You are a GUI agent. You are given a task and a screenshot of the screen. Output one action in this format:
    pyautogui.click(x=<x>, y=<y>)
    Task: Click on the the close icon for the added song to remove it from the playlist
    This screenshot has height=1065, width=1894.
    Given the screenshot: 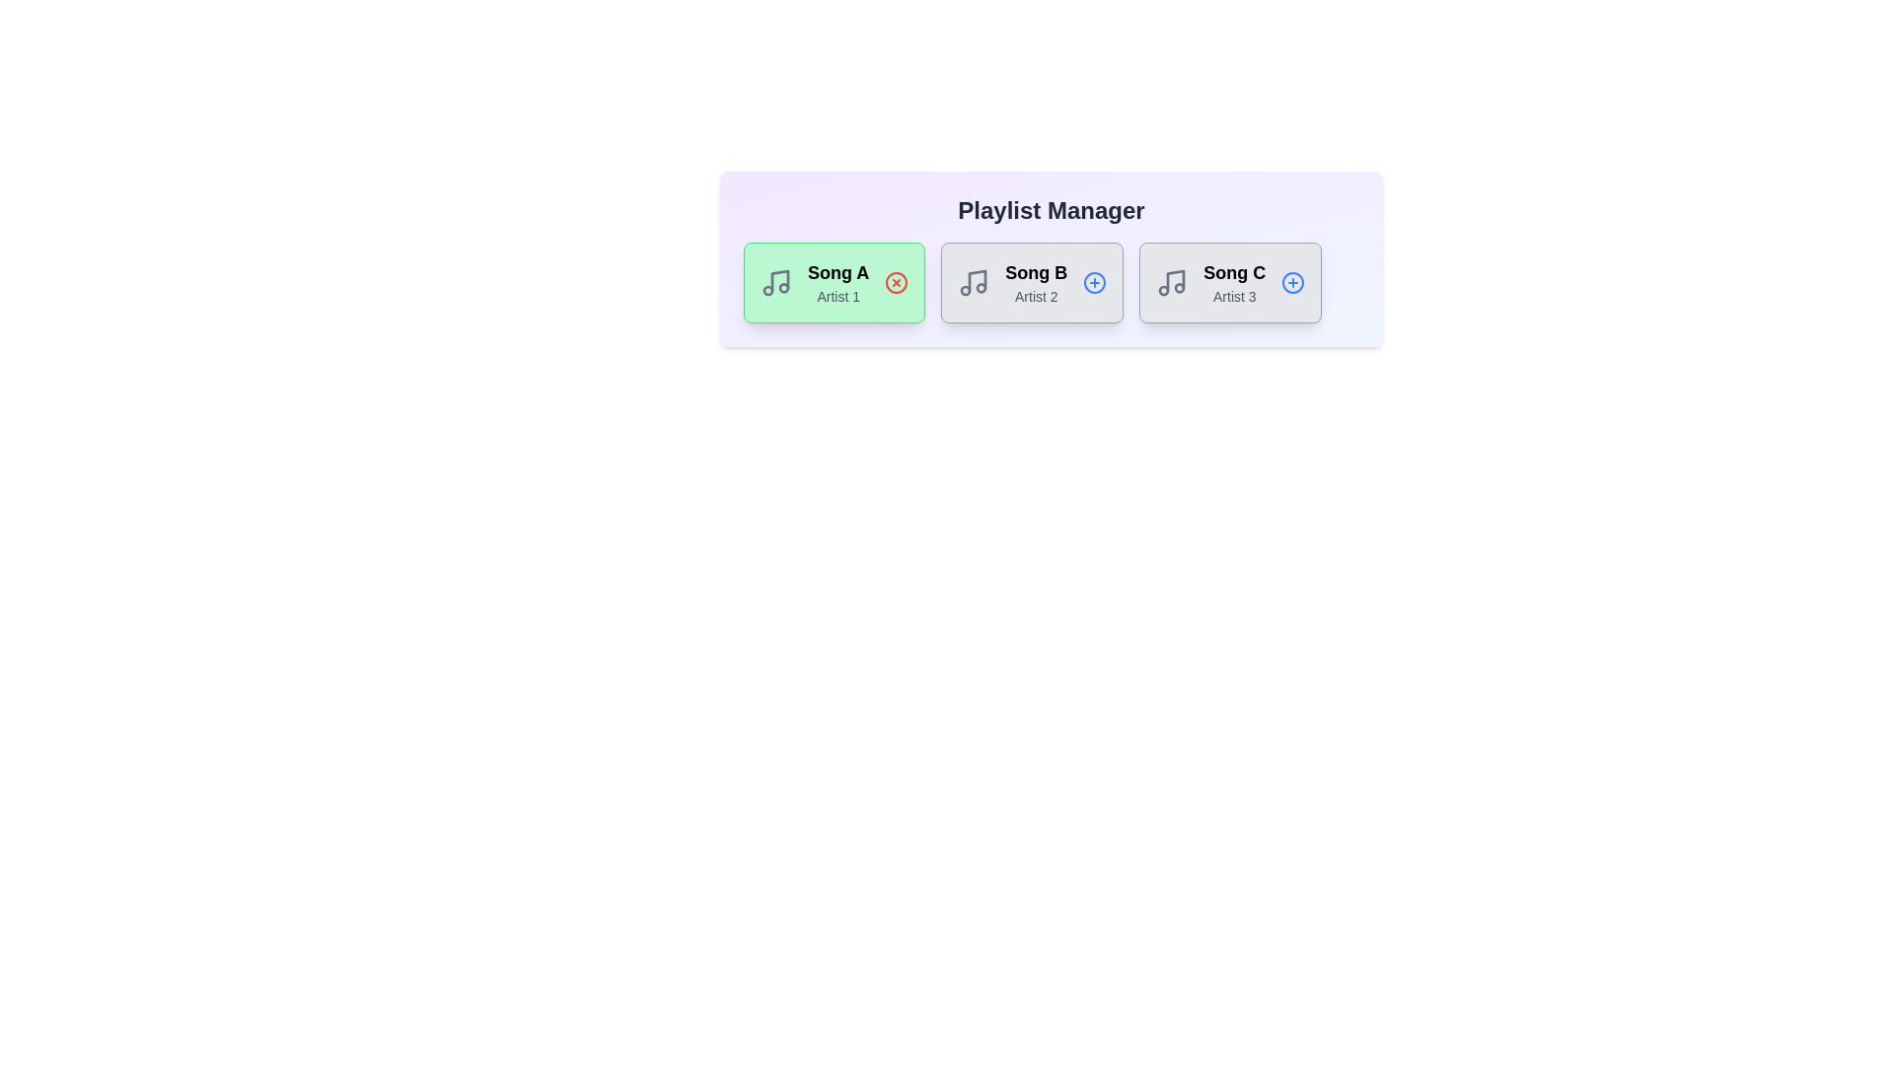 What is the action you would take?
    pyautogui.click(x=896, y=282)
    